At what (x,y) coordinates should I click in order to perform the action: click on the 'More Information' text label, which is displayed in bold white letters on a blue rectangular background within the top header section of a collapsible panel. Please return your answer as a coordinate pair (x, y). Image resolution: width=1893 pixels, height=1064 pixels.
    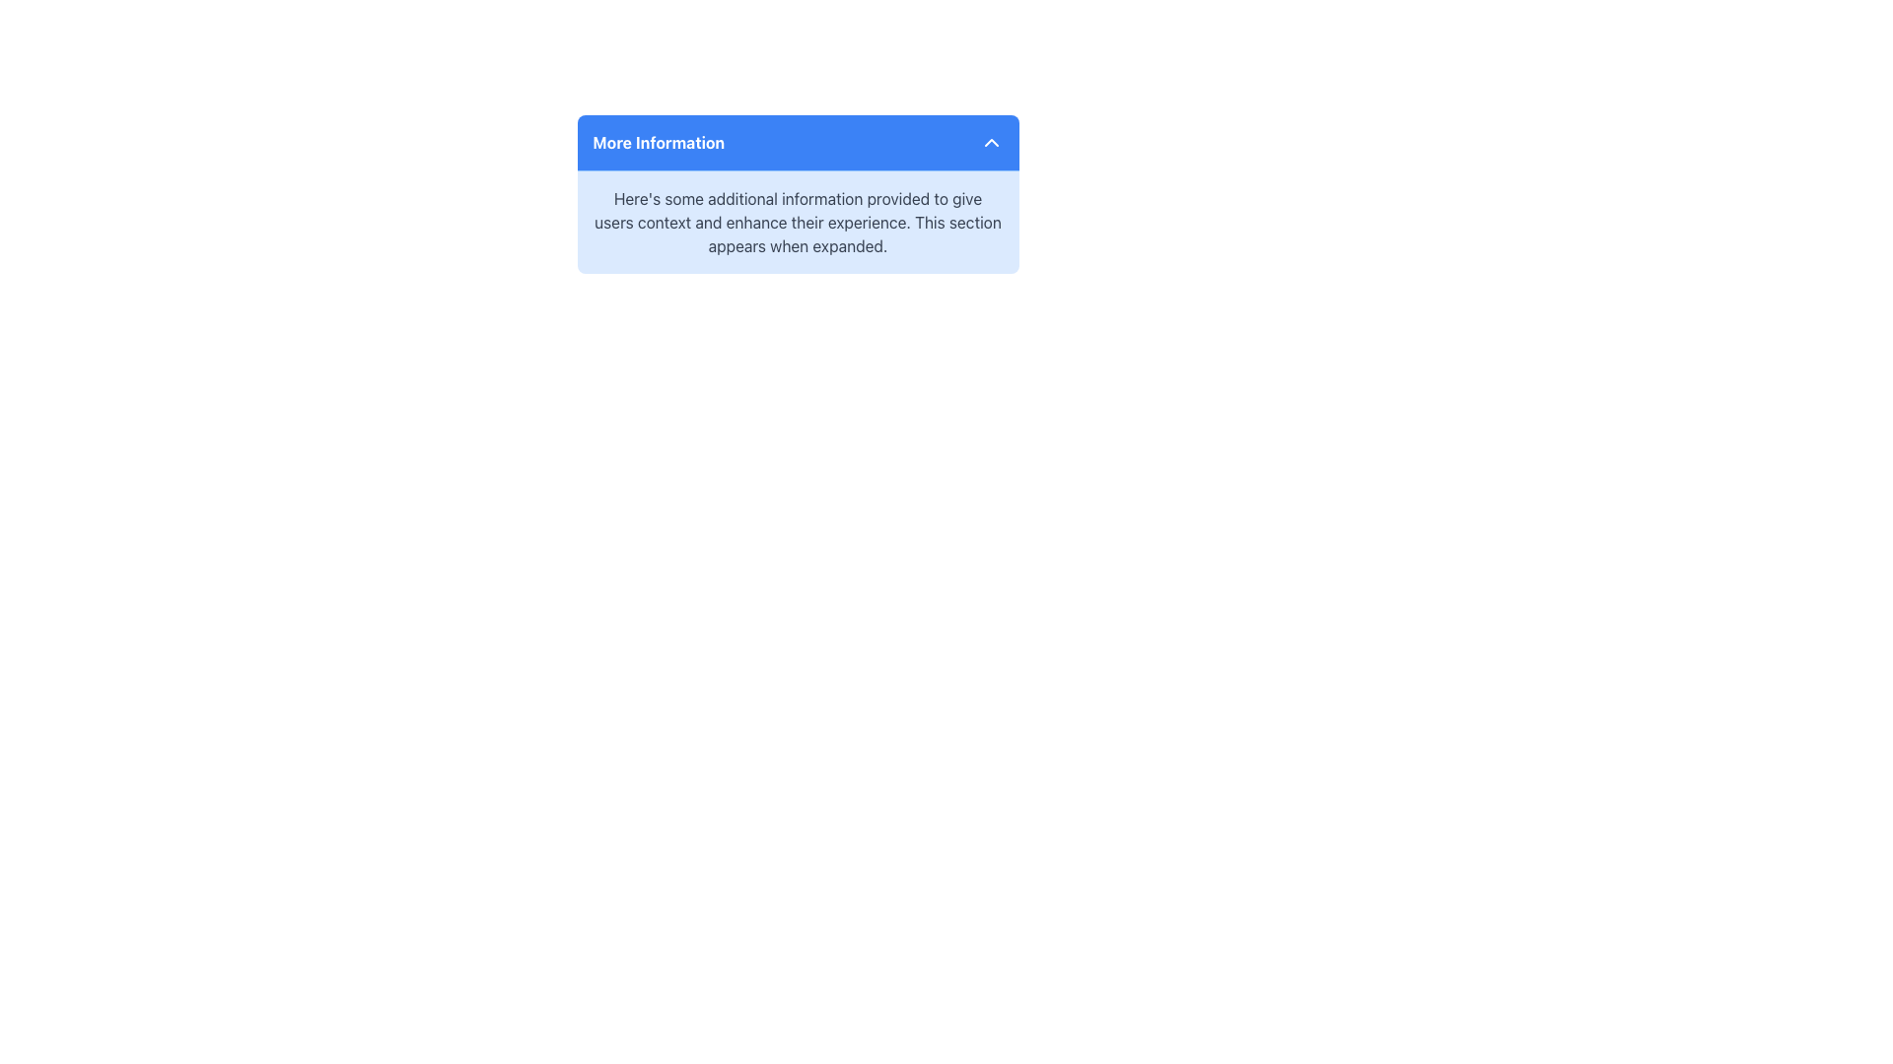
    Looking at the image, I should click on (659, 142).